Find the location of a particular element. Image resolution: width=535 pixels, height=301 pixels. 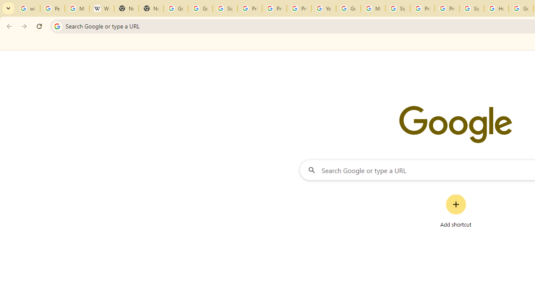

'New Tab' is located at coordinates (126, 8).